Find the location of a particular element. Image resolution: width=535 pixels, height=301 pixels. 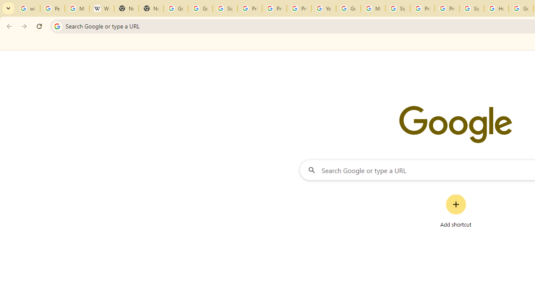

'New Tab' is located at coordinates (126, 8).